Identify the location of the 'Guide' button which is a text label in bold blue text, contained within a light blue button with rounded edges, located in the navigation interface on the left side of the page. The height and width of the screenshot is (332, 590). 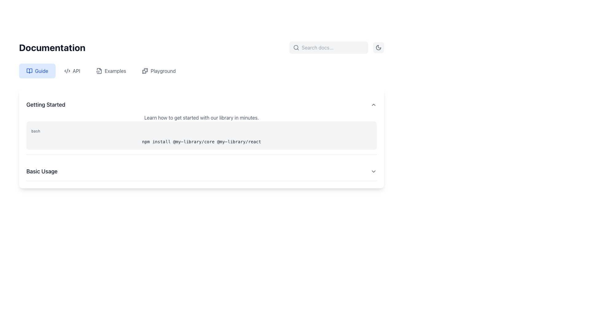
(41, 71).